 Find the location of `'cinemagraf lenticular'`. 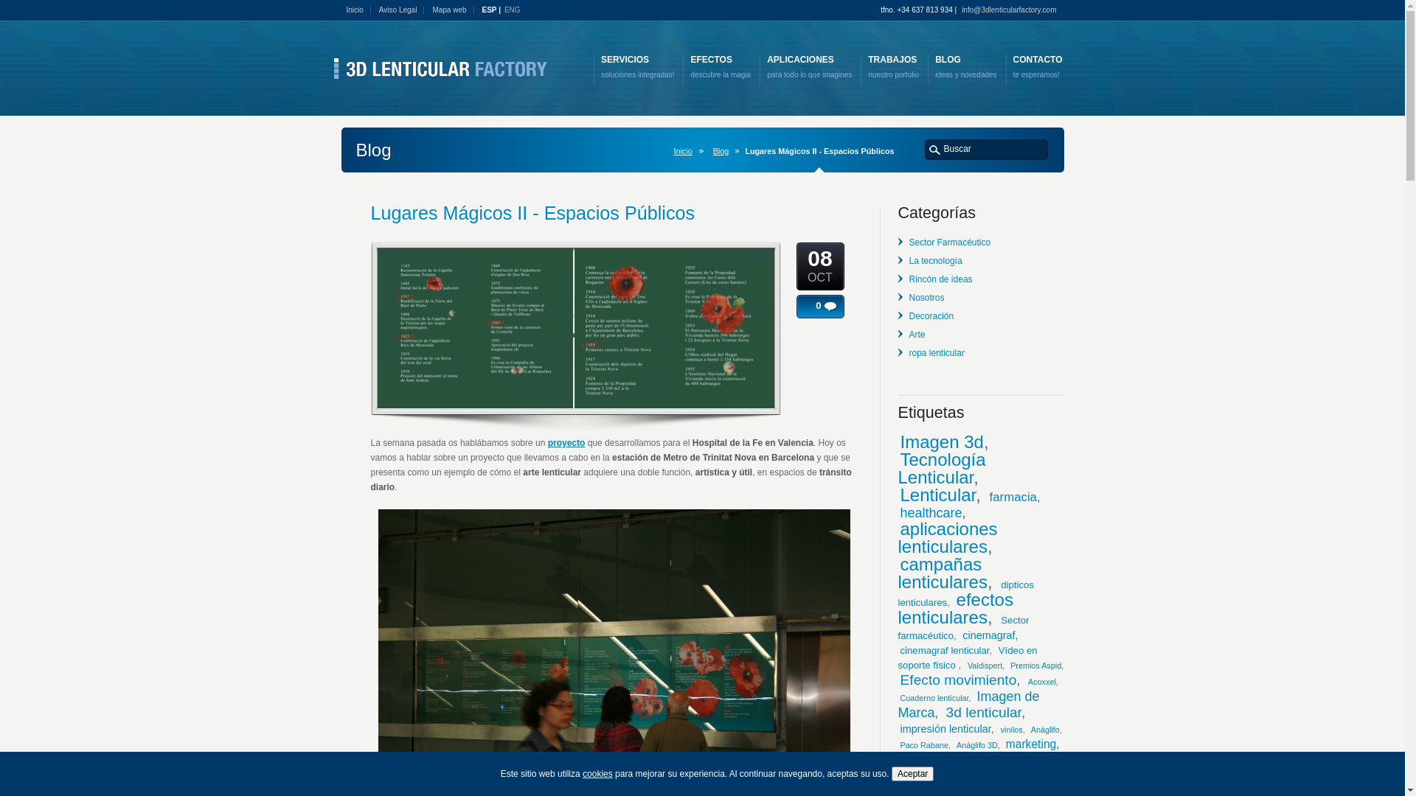

'cinemagraf lenticular' is located at coordinates (944, 649).